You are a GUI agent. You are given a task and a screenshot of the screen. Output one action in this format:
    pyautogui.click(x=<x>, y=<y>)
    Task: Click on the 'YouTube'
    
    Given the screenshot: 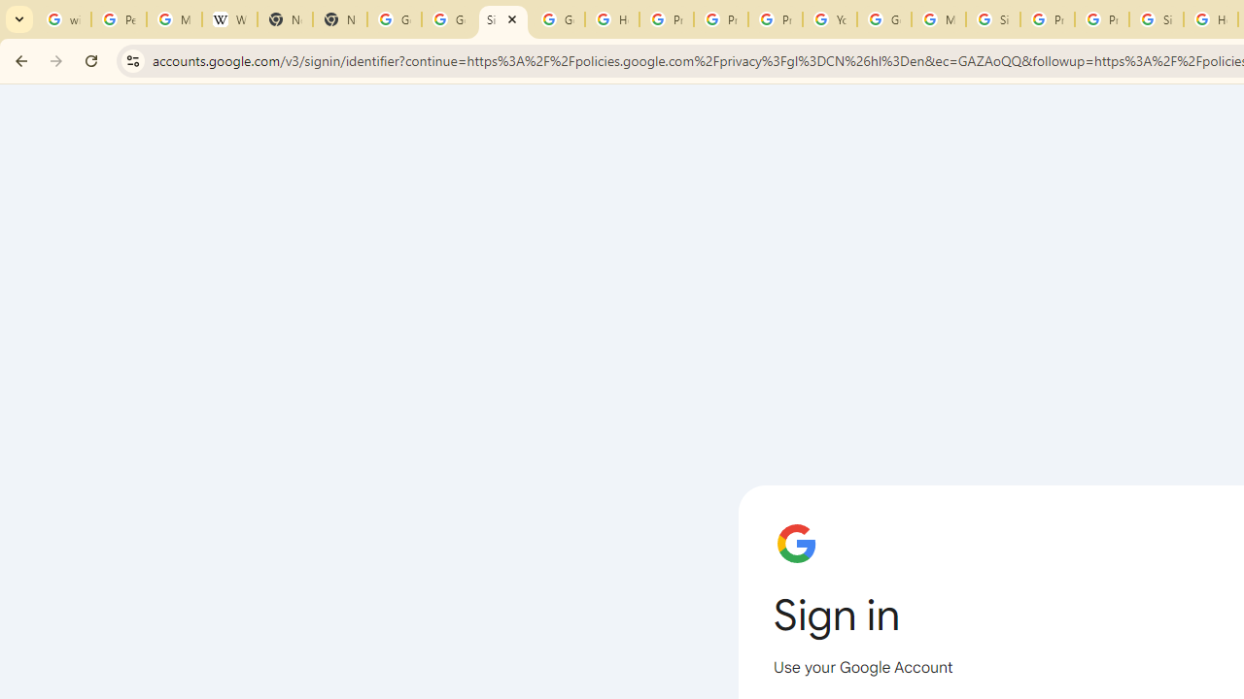 What is the action you would take?
    pyautogui.click(x=829, y=19)
    